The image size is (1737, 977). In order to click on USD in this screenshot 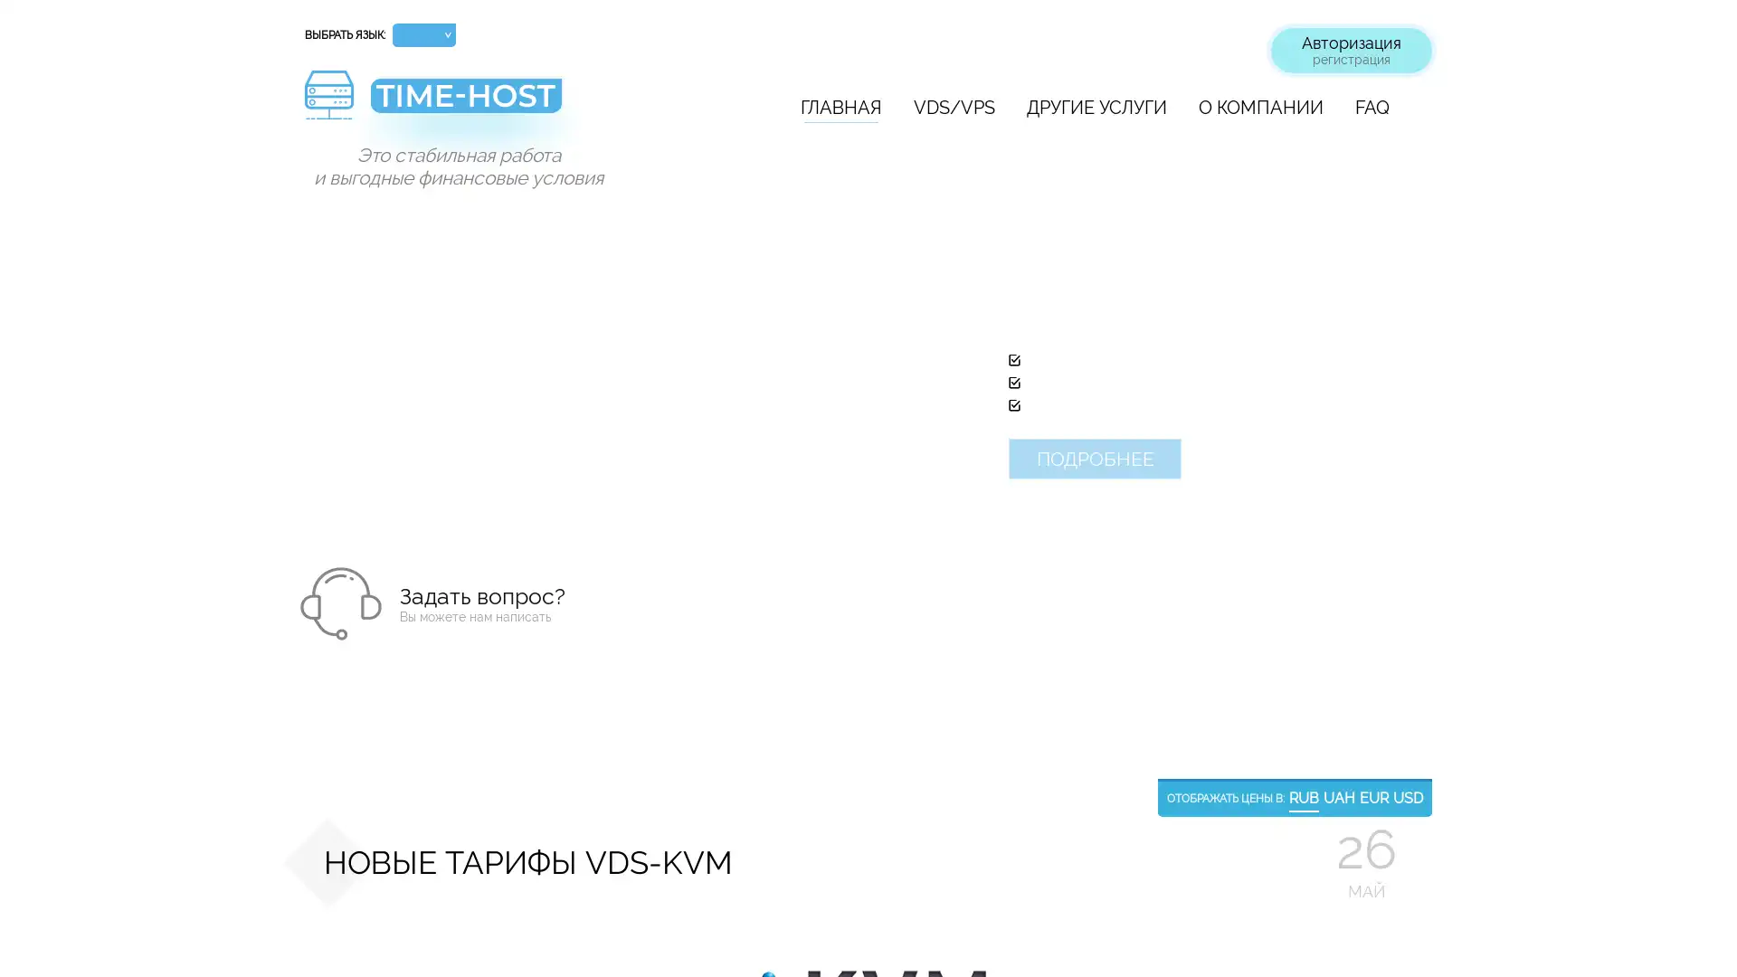, I will do `click(1407, 798)`.